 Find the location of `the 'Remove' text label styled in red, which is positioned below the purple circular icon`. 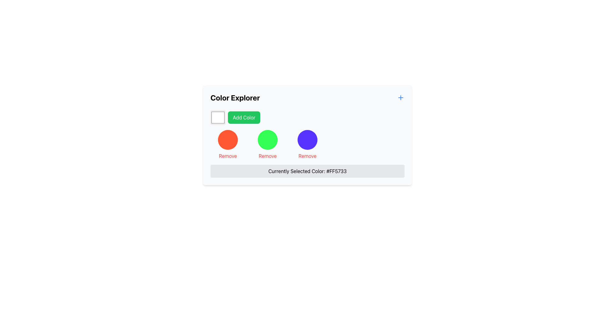

the 'Remove' text label styled in red, which is positioned below the purple circular icon is located at coordinates (307, 155).